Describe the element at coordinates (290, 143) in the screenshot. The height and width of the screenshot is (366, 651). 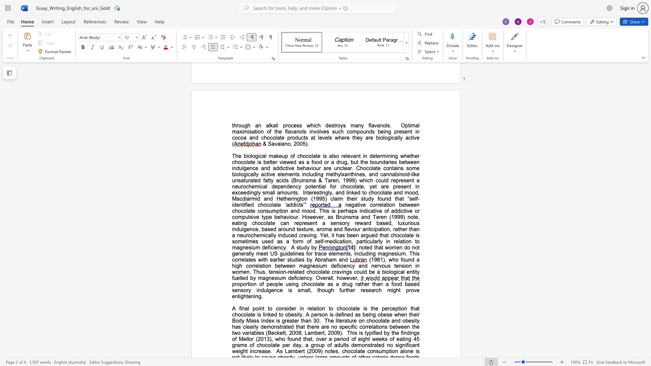
I see `the space between the continuous character "o" and "," in the text` at that location.